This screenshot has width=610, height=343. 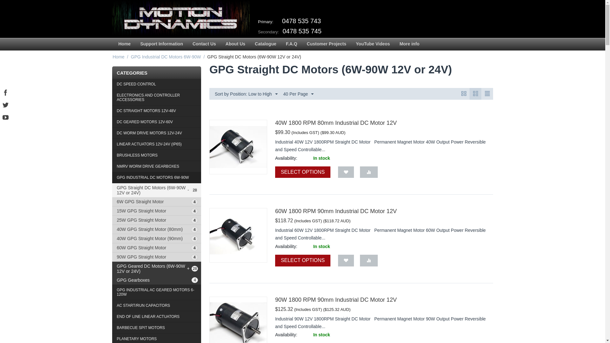 What do you see at coordinates (409, 44) in the screenshot?
I see `'More info'` at bounding box center [409, 44].